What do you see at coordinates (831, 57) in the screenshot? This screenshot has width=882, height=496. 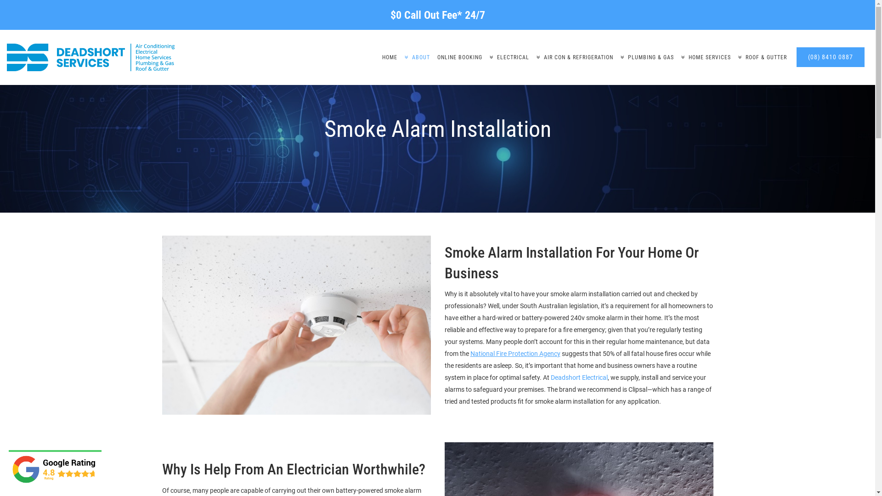 I see `'(08) 8410 0887'` at bounding box center [831, 57].